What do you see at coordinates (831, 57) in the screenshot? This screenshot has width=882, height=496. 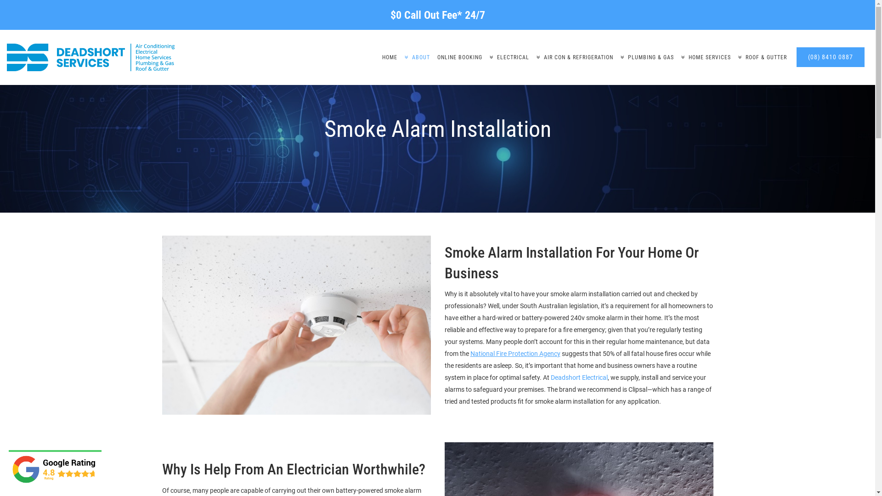 I see `'(08) 8410 0887'` at bounding box center [831, 57].